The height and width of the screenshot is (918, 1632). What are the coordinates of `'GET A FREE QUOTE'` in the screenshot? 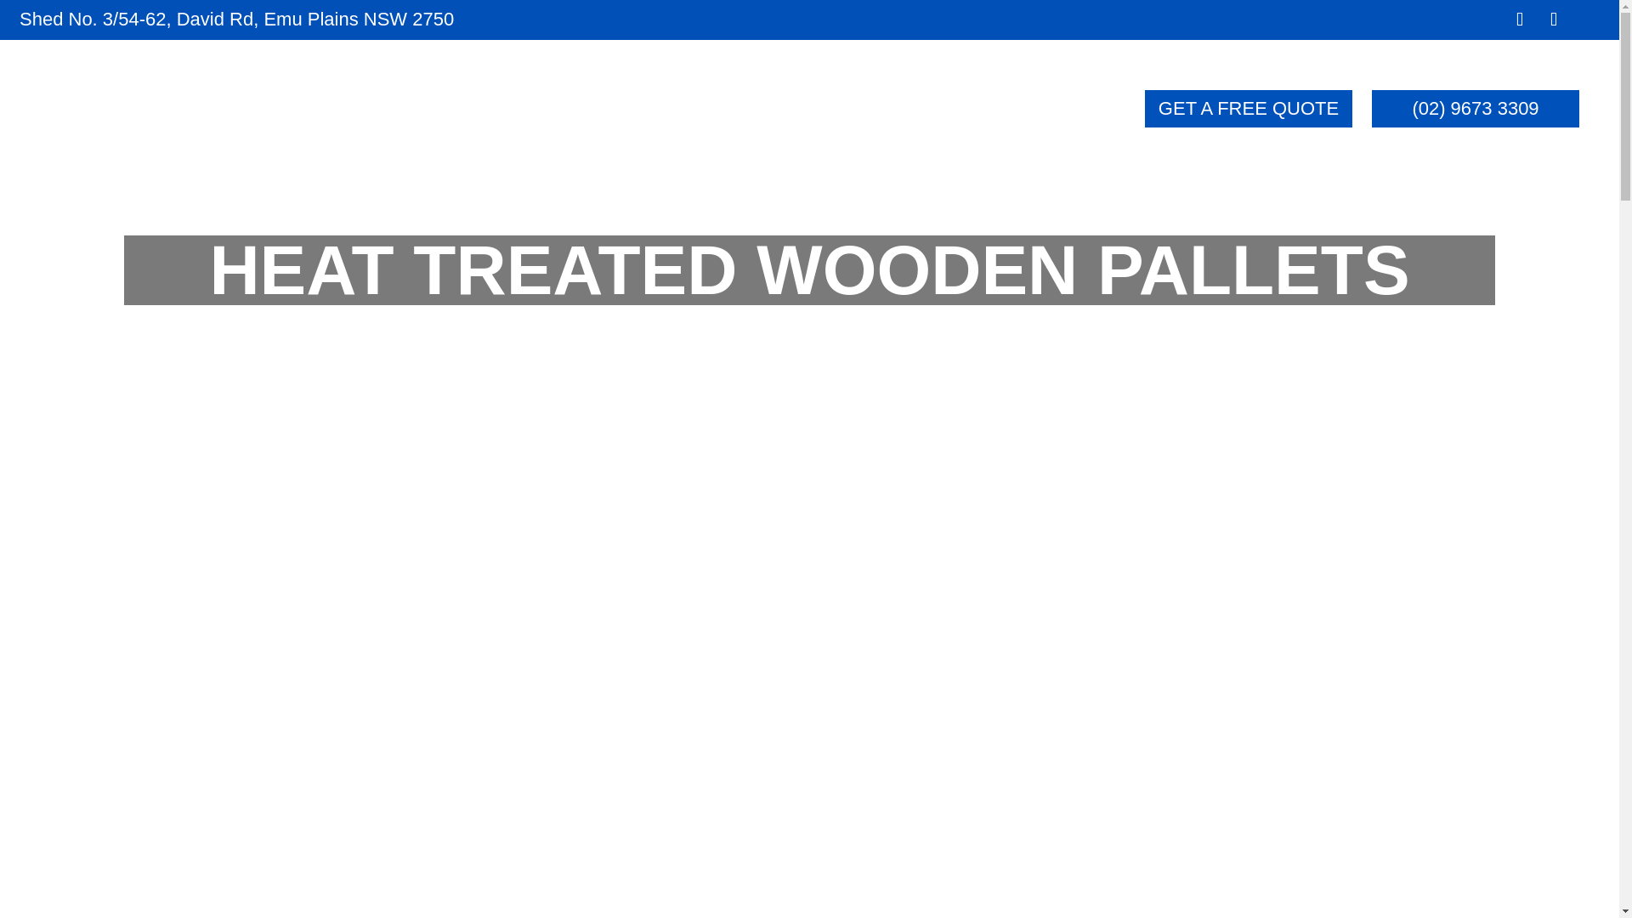 It's located at (1248, 108).